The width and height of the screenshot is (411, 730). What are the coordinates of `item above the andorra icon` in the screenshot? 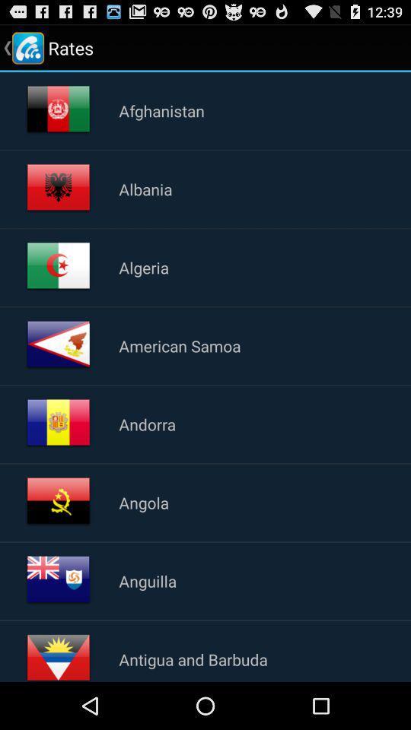 It's located at (179, 345).